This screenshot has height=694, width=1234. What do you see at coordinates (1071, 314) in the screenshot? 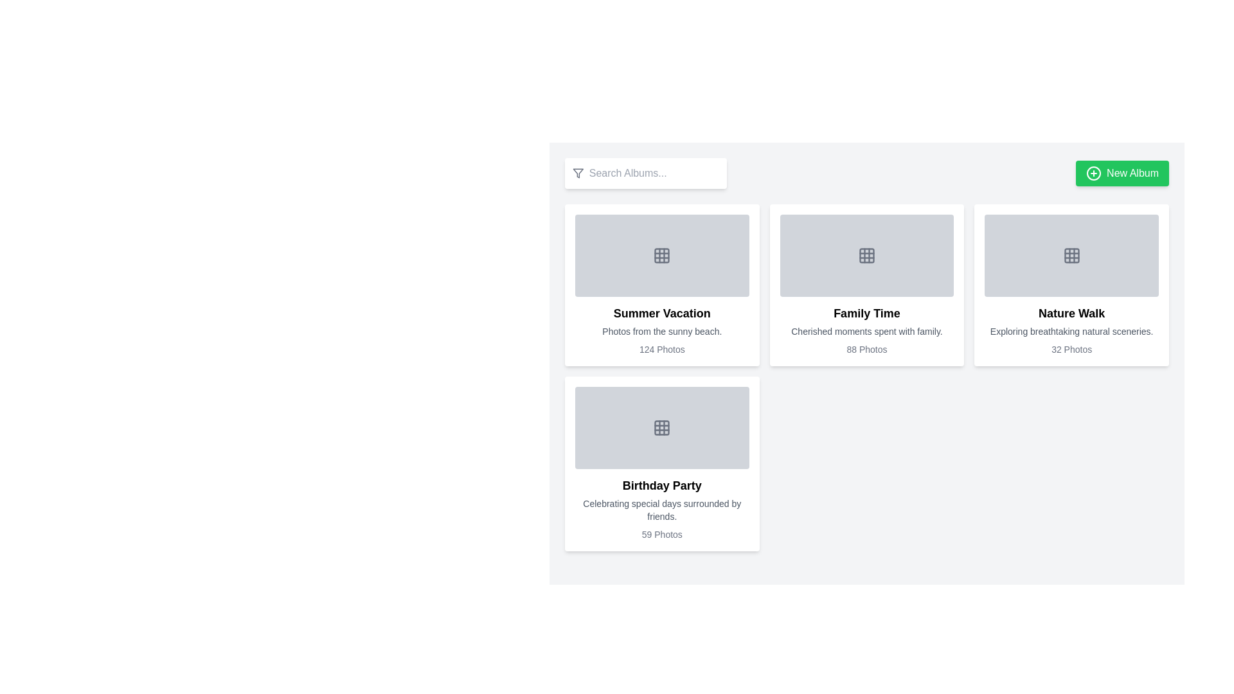
I see `the text label displaying 'Nature Walk', styled in bold and large font, located at the upper center of the card in the third column of the grid layout` at bounding box center [1071, 314].